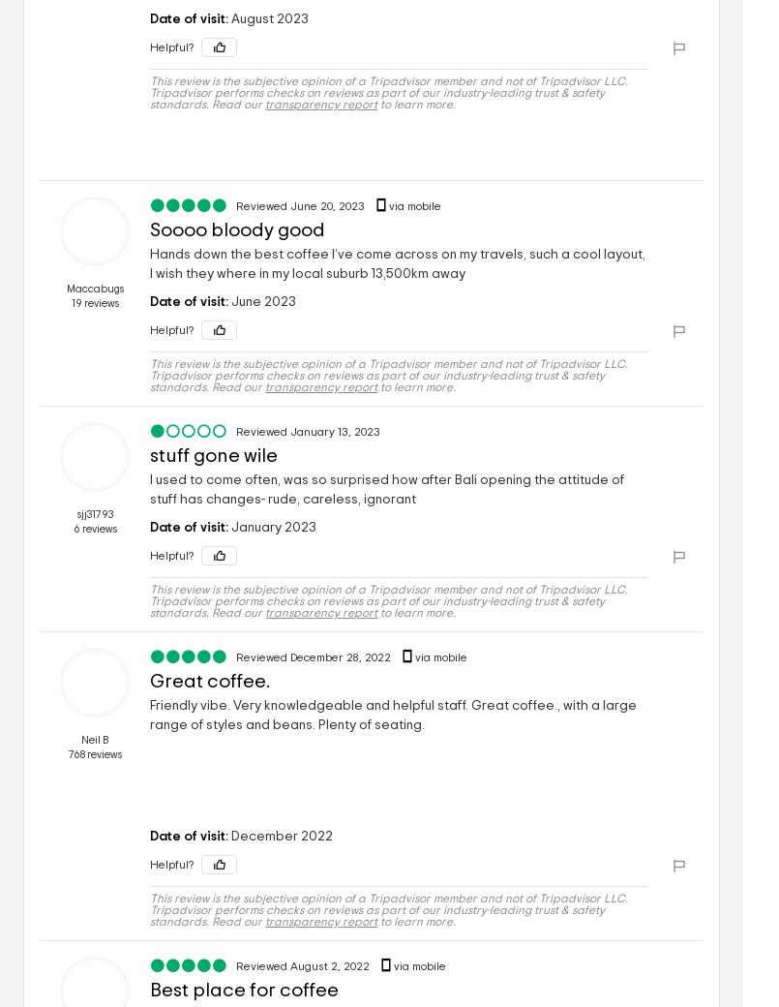 The image size is (779, 1007). I want to click on 'Great coffee.', so click(149, 681).